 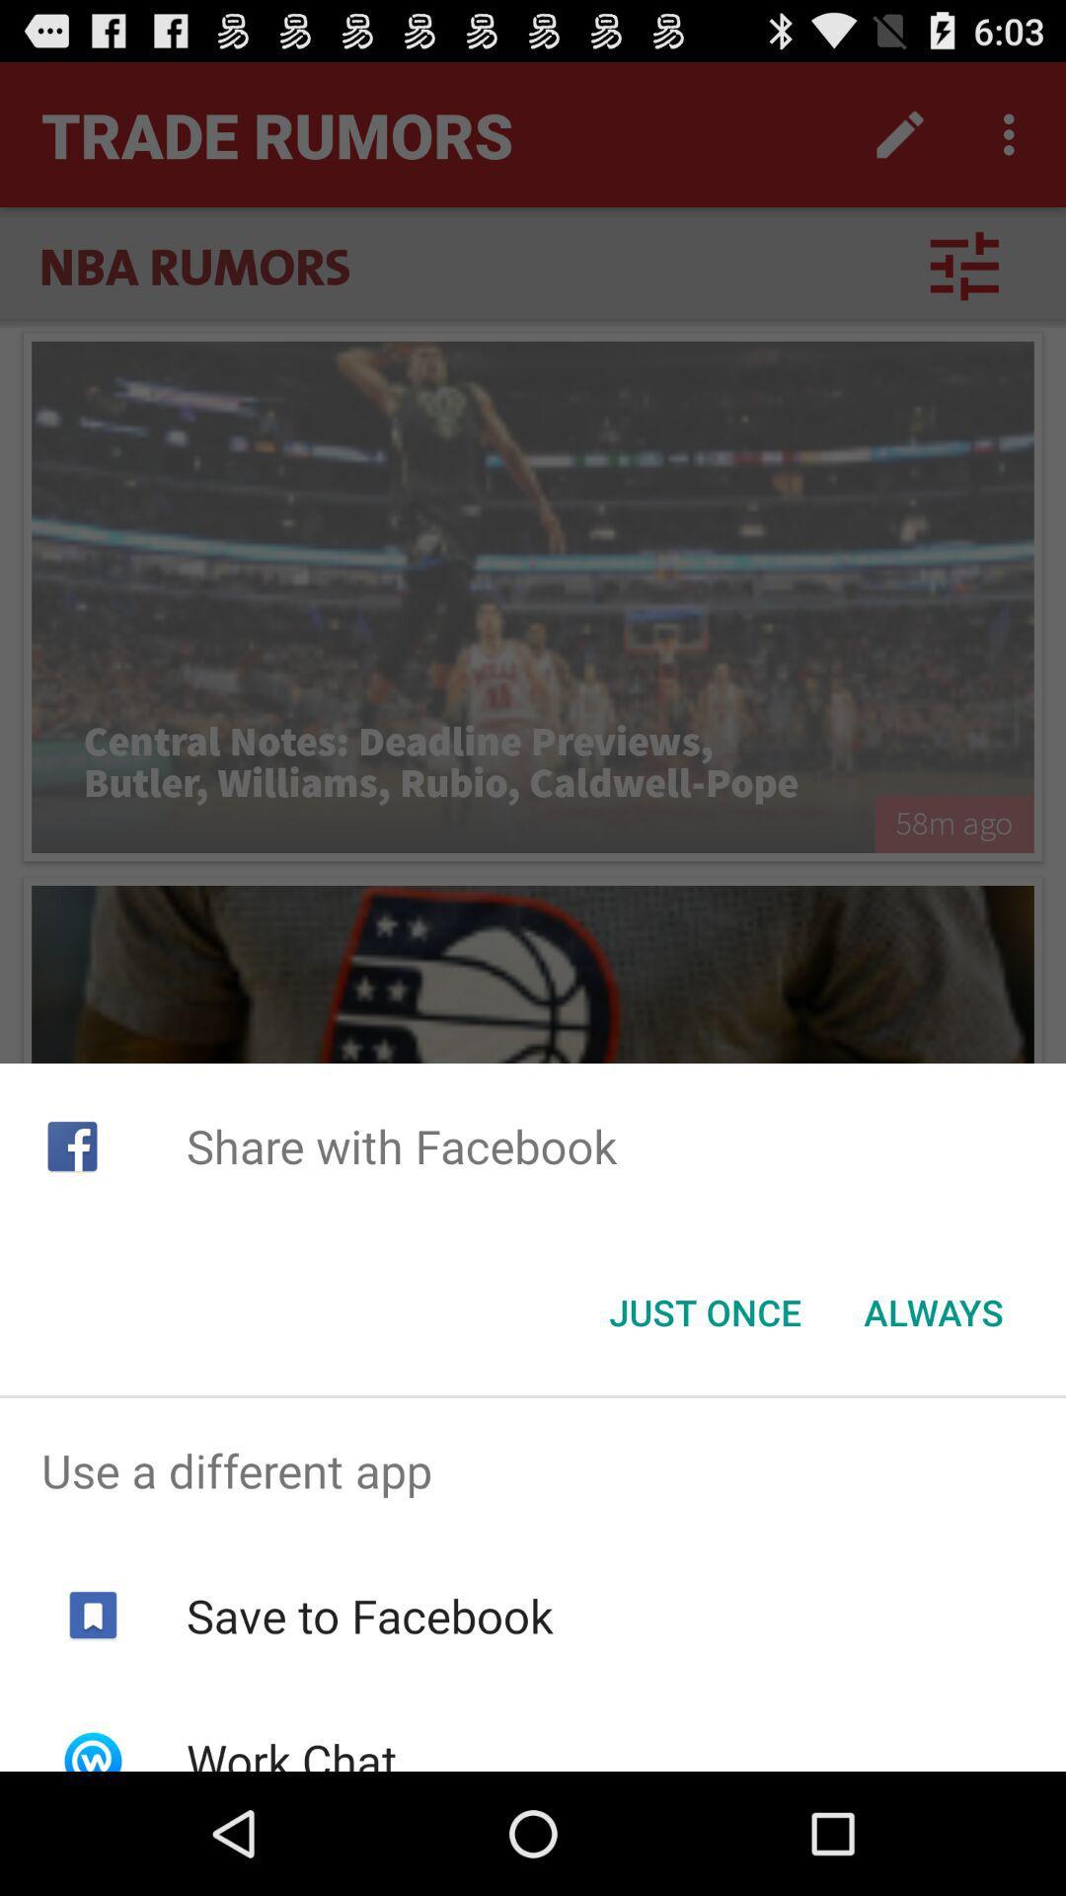 I want to click on the icon next to just once icon, so click(x=933, y=1312).